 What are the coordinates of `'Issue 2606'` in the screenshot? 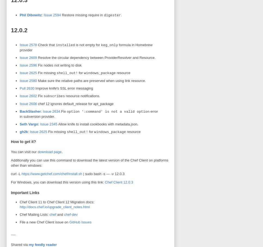 It's located at (28, 103).